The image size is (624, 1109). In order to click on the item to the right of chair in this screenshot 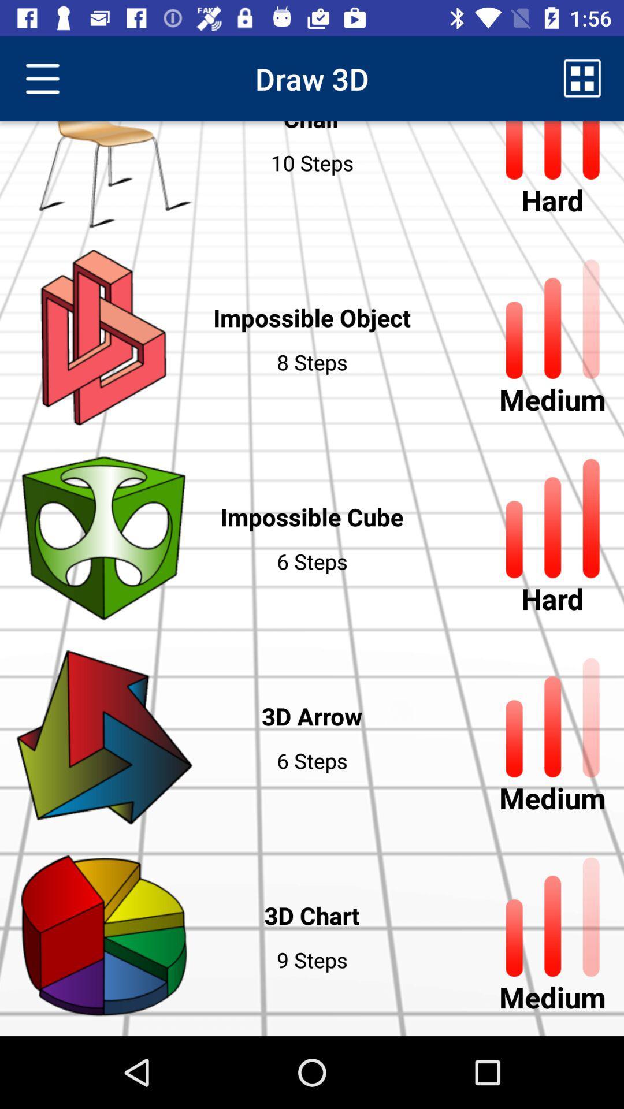, I will do `click(582, 78)`.